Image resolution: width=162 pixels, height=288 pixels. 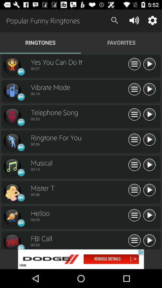 I want to click on show all info, so click(x=134, y=114).